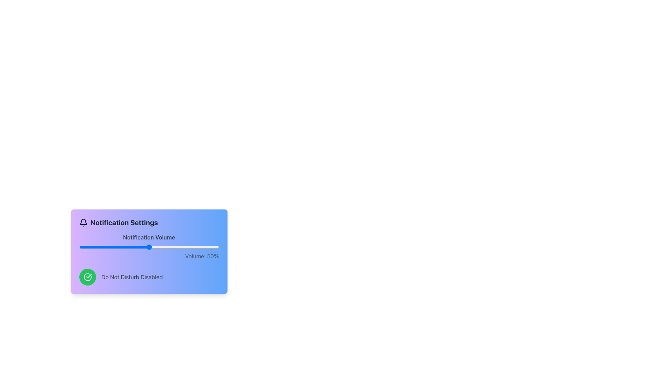  I want to click on the green circular icon indicating 'Do Not Disturb Disabled' status to interact with it and potentially toggle the setting, so click(88, 275).